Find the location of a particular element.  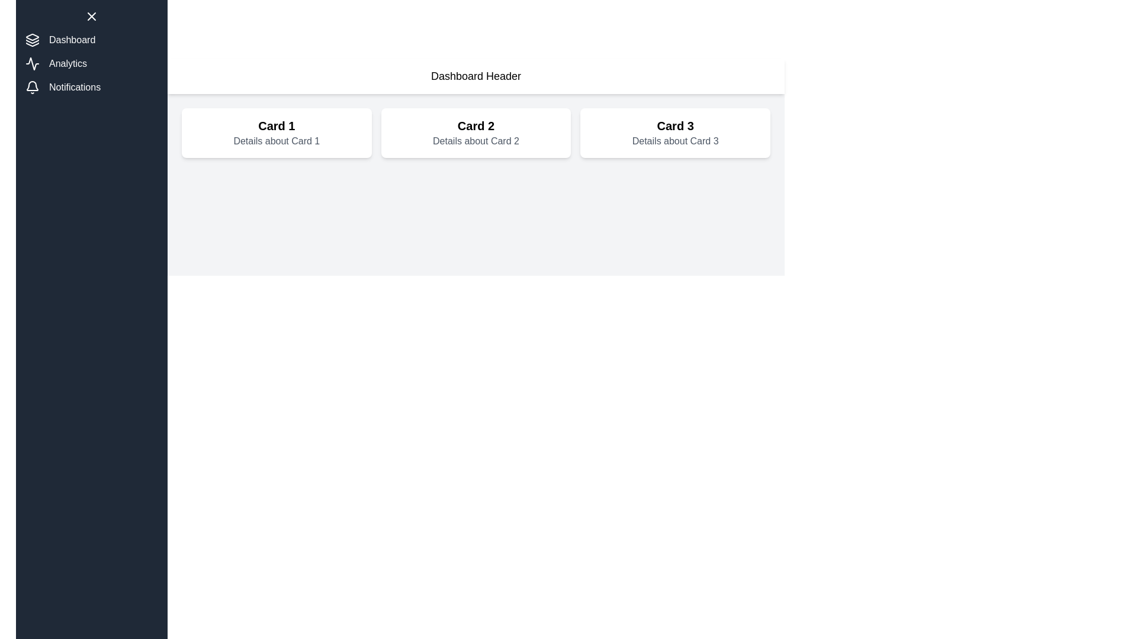

the second layer of the icon segment in the left-side navigation menu, which visually represents stackable or groupable items is located at coordinates (32, 41).